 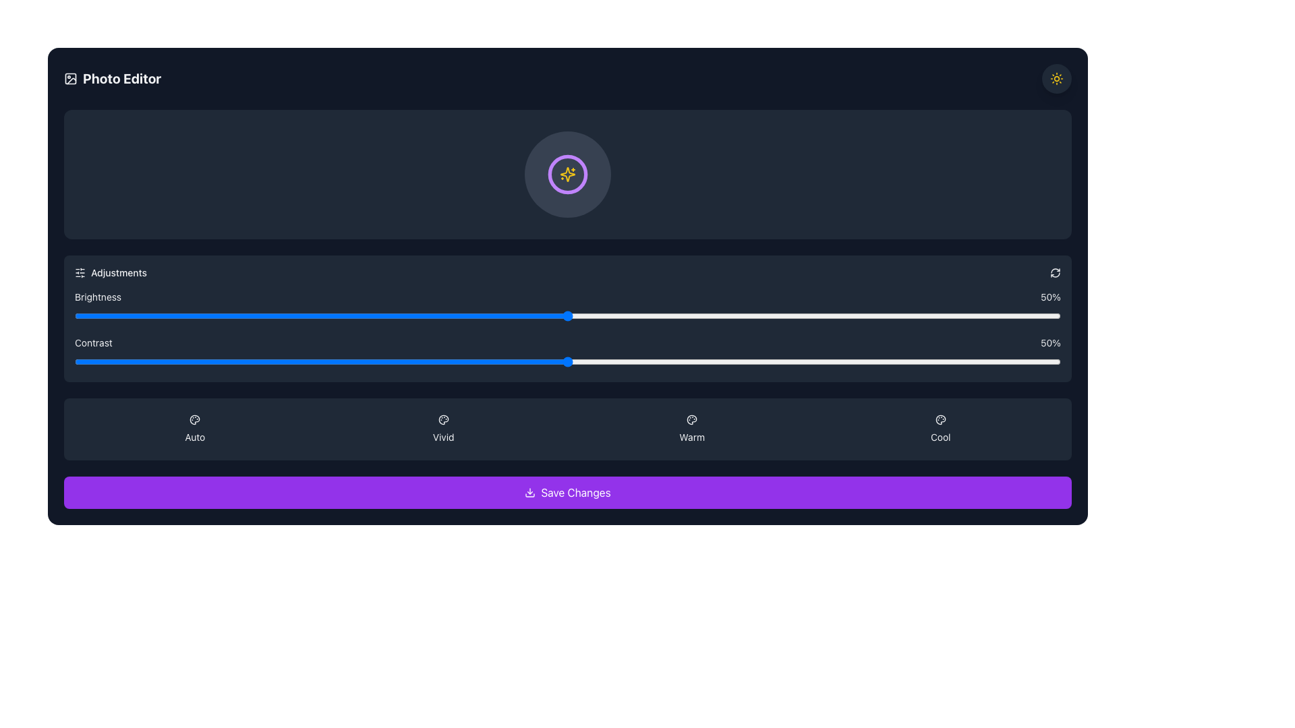 I want to click on contrast, so click(x=795, y=316).